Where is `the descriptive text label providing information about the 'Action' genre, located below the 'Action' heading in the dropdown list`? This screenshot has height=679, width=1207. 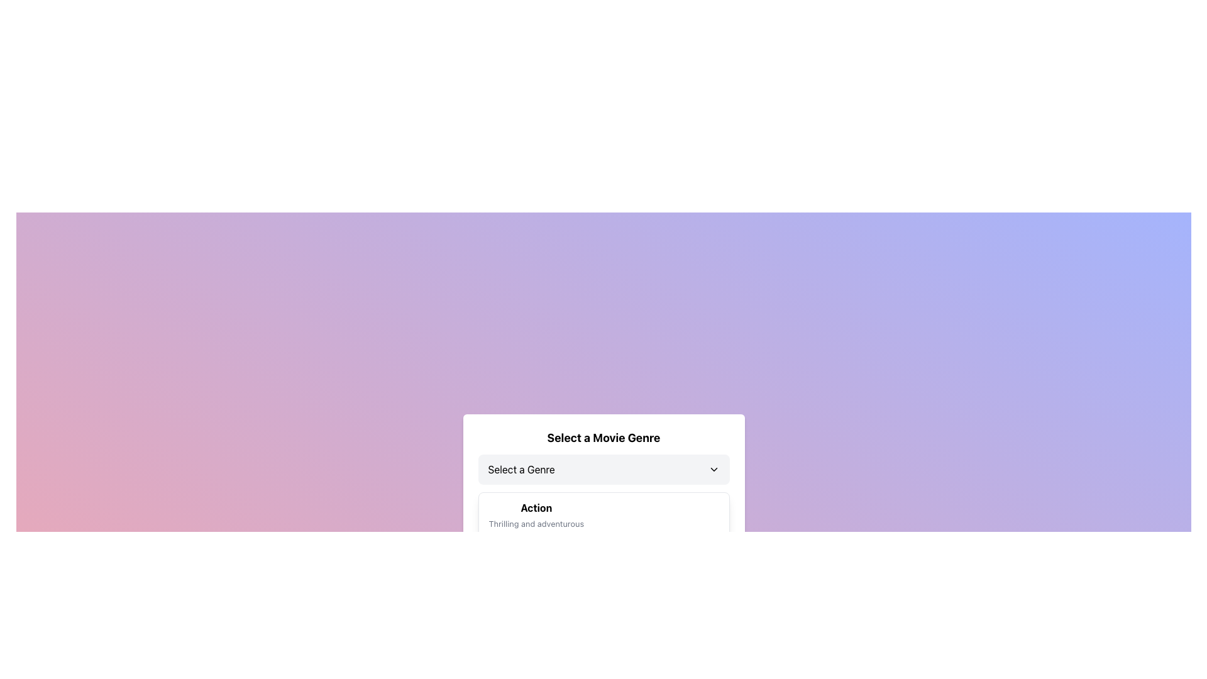 the descriptive text label providing information about the 'Action' genre, located below the 'Action' heading in the dropdown list is located at coordinates (536, 524).